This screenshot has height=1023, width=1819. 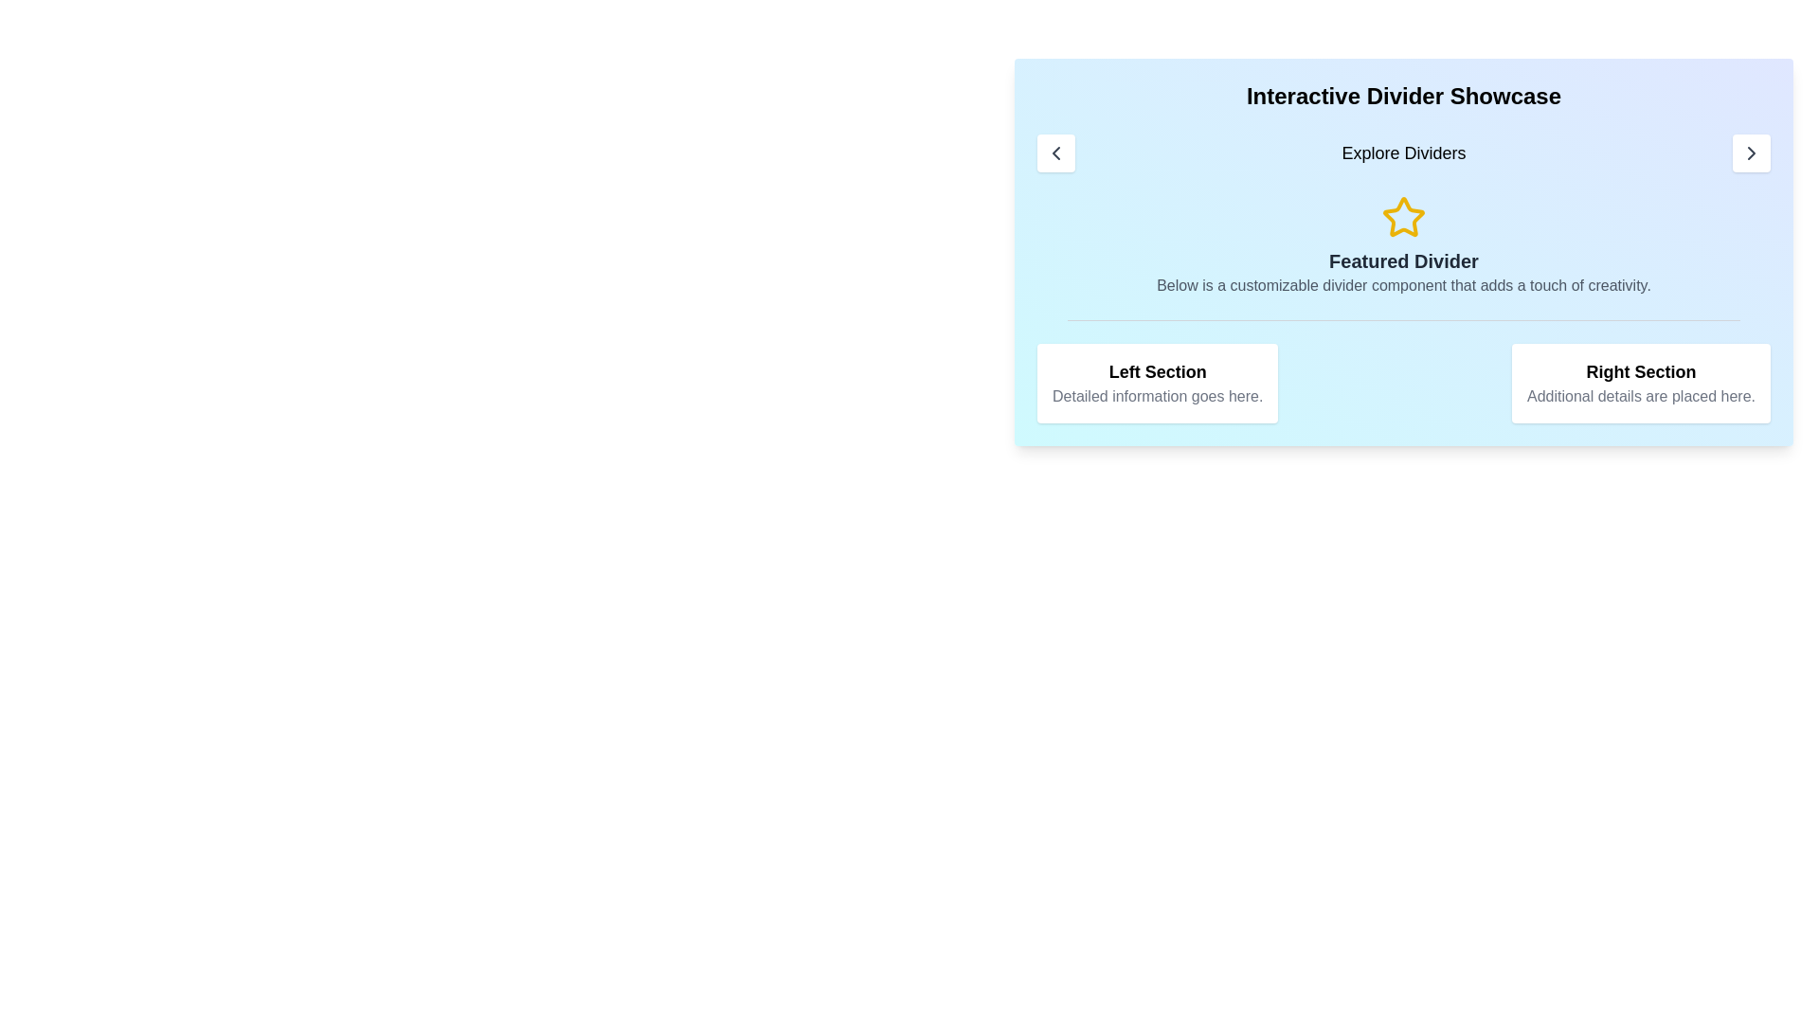 I want to click on the text label displaying 'Explore Dividers', which is centrally positioned between two navigational icons with emphasis on its larger font size, so click(x=1404, y=153).